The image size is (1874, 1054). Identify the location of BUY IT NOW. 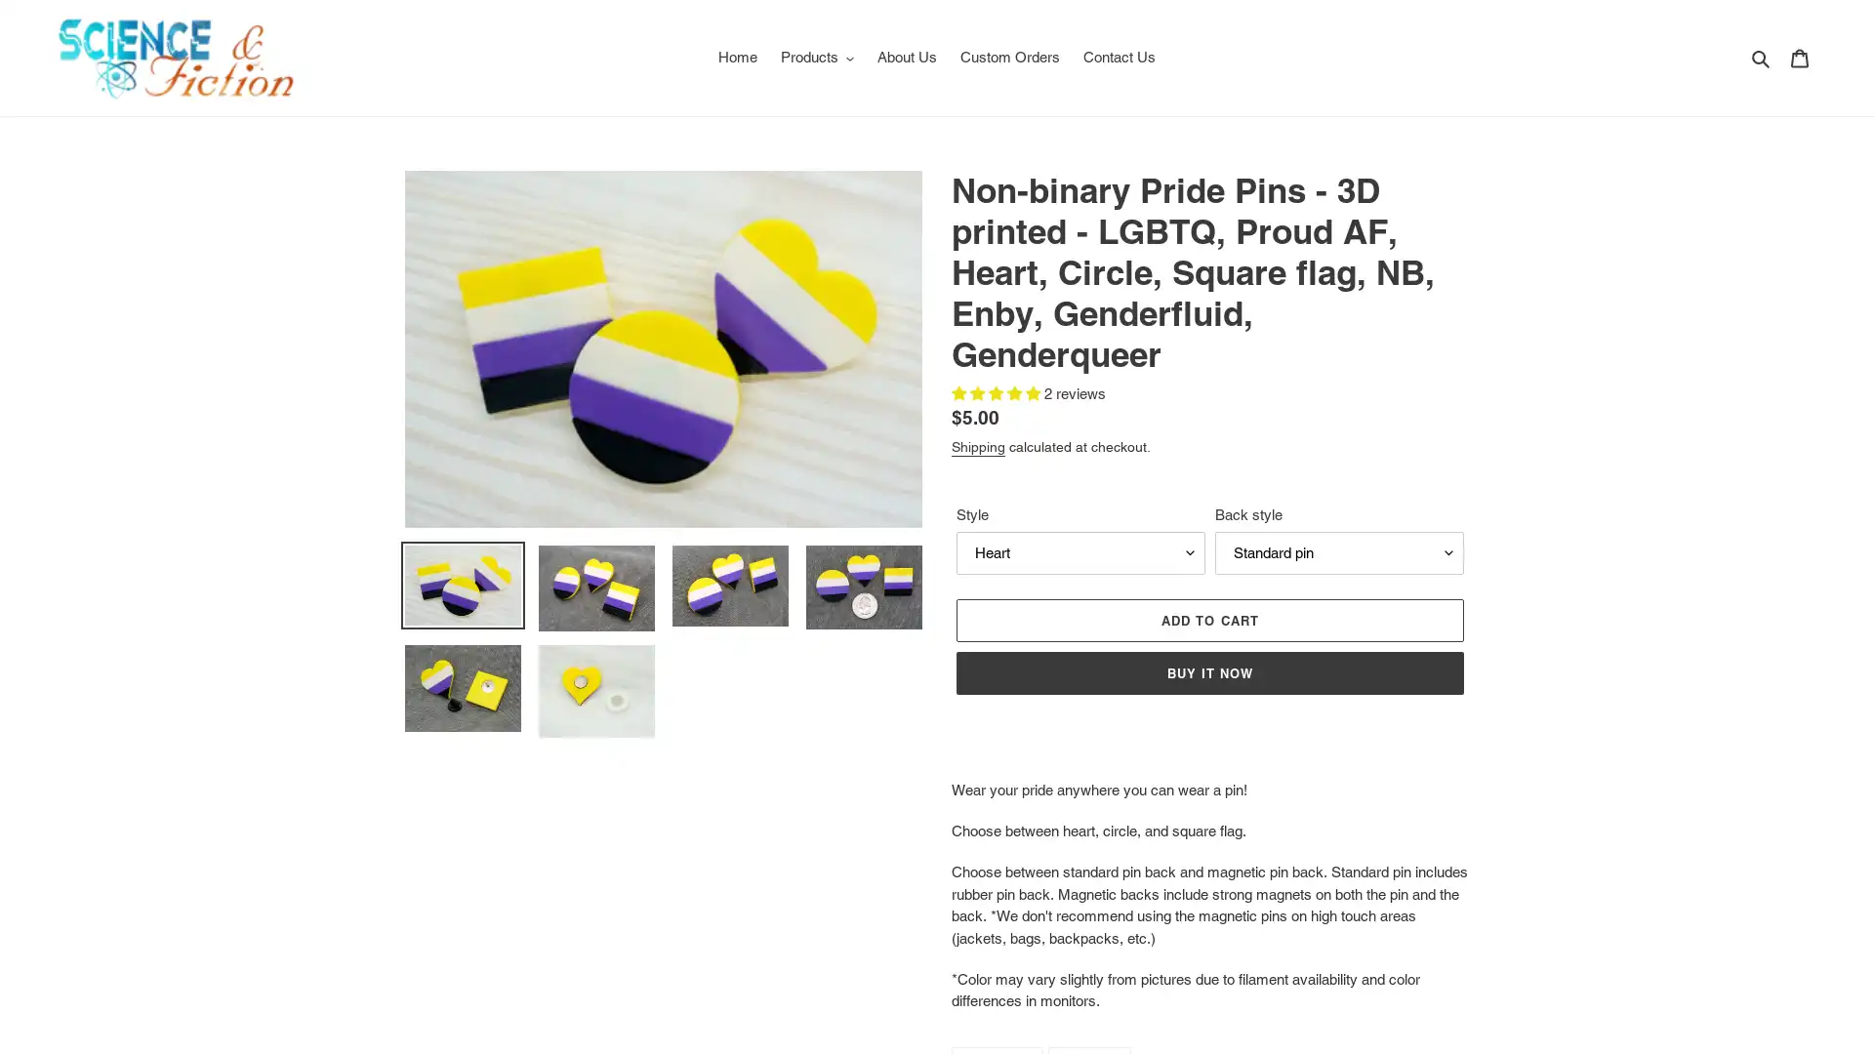
(1208, 671).